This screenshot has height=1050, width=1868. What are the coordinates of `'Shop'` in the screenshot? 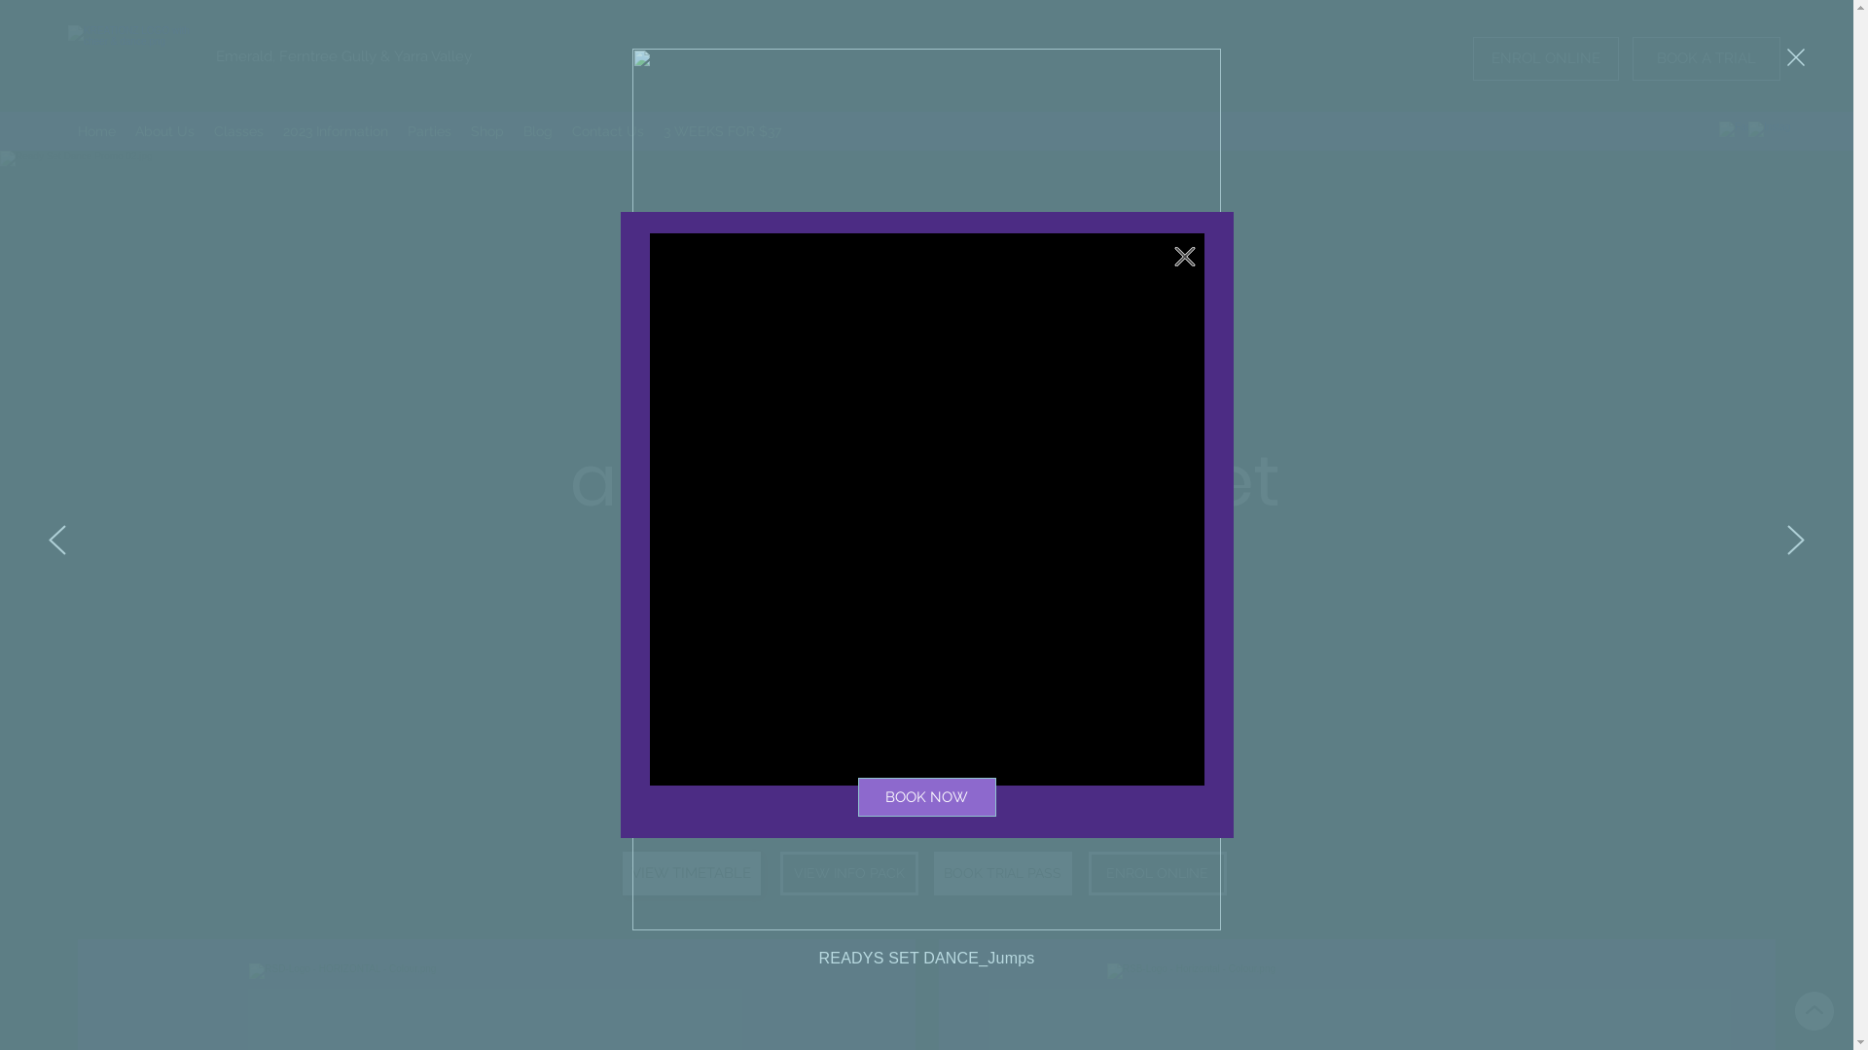 It's located at (486, 131).